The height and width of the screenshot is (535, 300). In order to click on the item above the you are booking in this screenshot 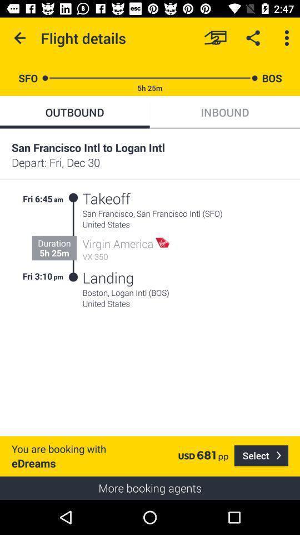, I will do `click(73, 237)`.